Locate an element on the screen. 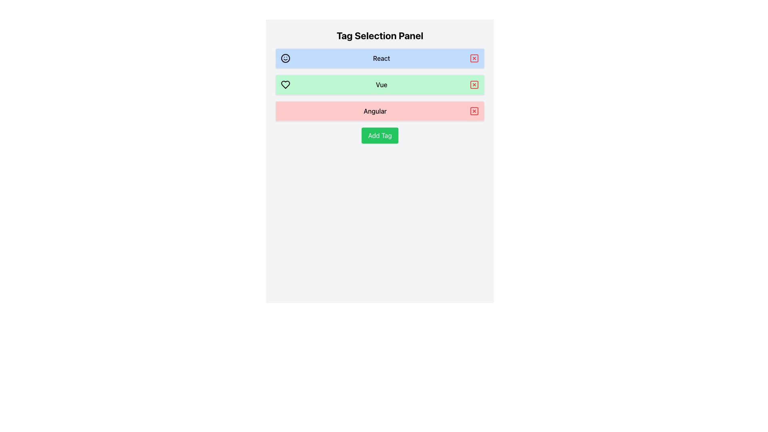 This screenshot has height=432, width=768. the interactive delete button, which is a square with rounded corners located at the right-most side of the second tag in the list titled 'Vue' is located at coordinates (474, 85).